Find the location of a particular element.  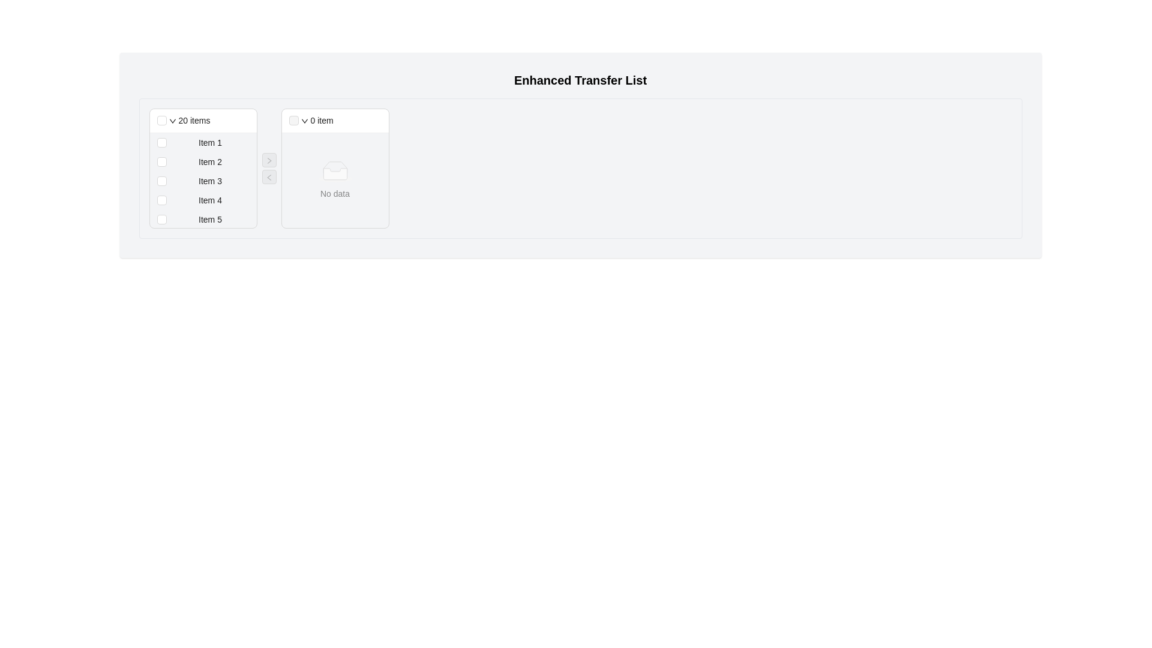

the second item in the transfer list, which is represented by a text label indicating its name or identifier is located at coordinates (210, 162).